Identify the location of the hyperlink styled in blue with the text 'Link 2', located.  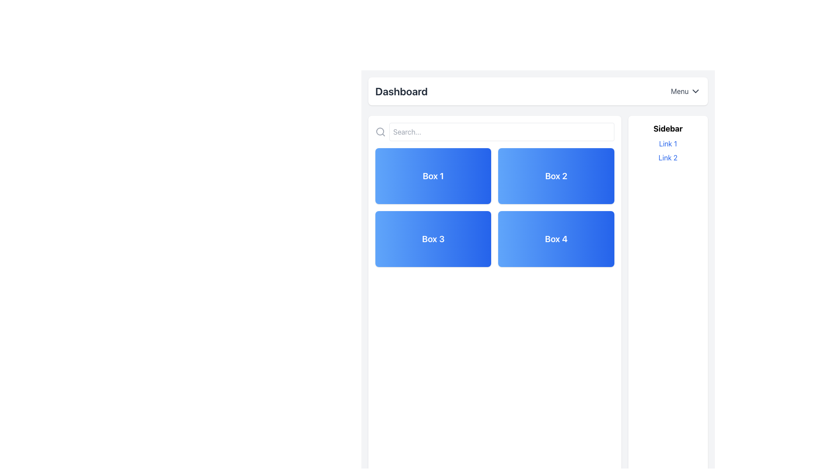
(667, 158).